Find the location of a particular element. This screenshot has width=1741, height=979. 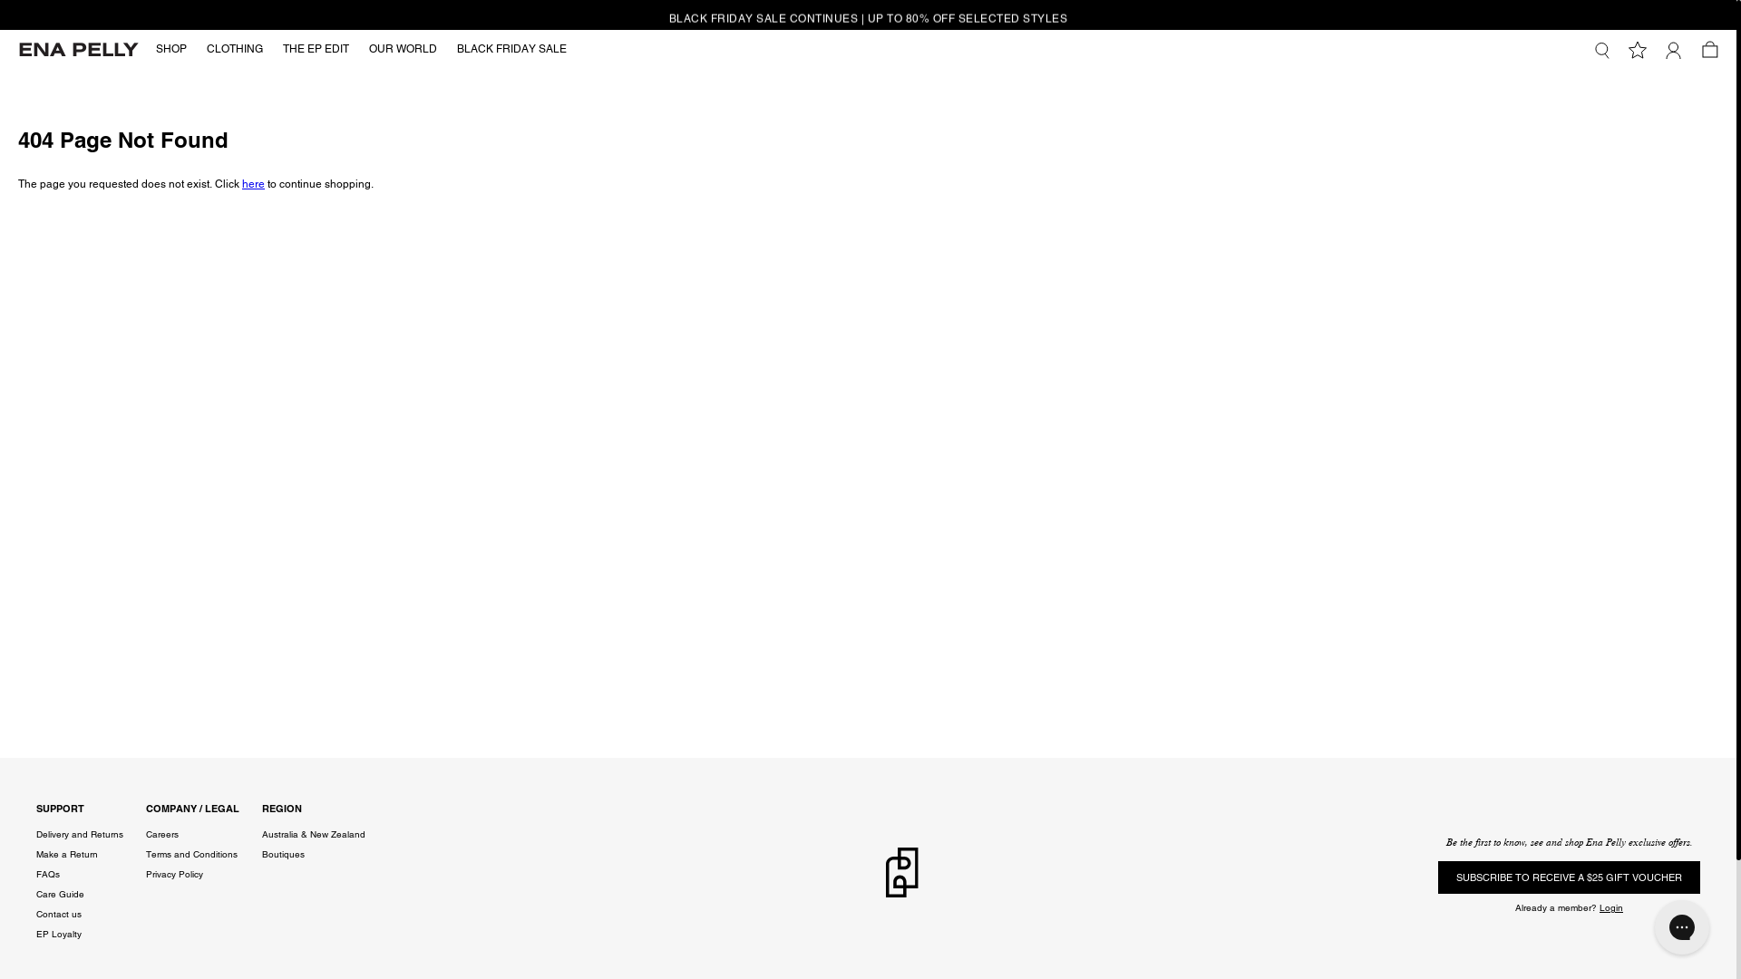

'Login' is located at coordinates (1610, 907).